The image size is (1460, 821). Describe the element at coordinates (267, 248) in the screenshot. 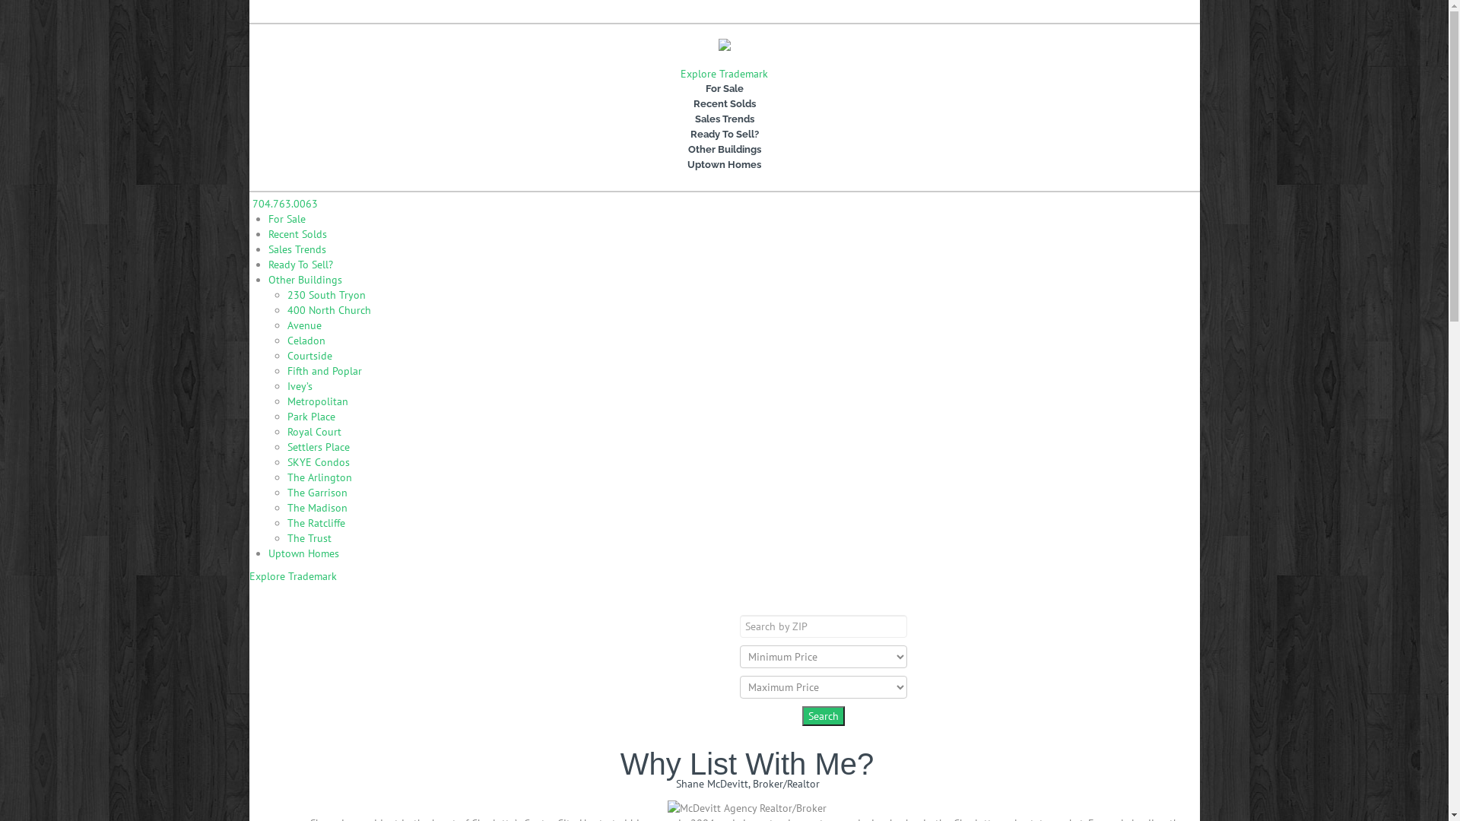

I see `'Sales Trends'` at that location.